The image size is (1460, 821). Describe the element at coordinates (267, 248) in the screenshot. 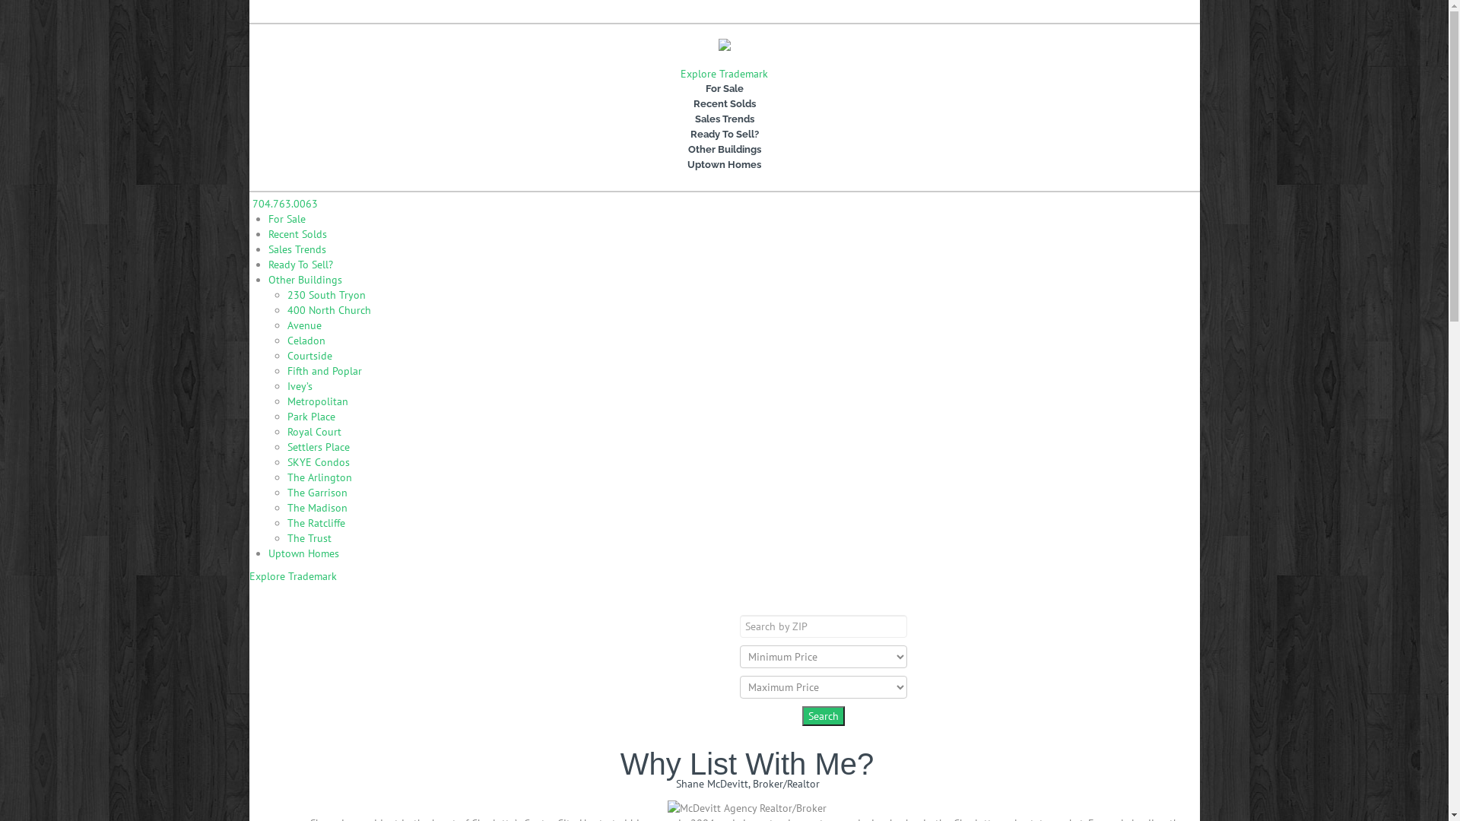

I see `'Sales Trends'` at that location.